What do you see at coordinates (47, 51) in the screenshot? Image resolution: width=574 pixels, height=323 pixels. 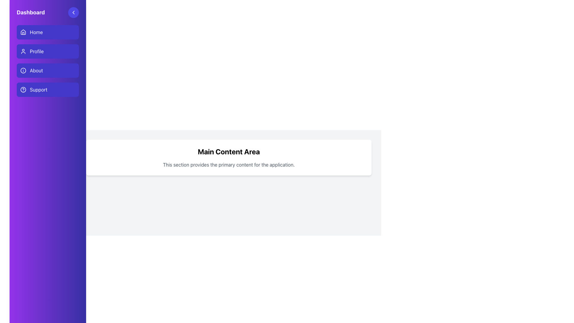 I see `the 'Profile' navigation button, which is the second button in the sidebar menu located below the 'Home' button and above the 'About' button` at bounding box center [47, 51].